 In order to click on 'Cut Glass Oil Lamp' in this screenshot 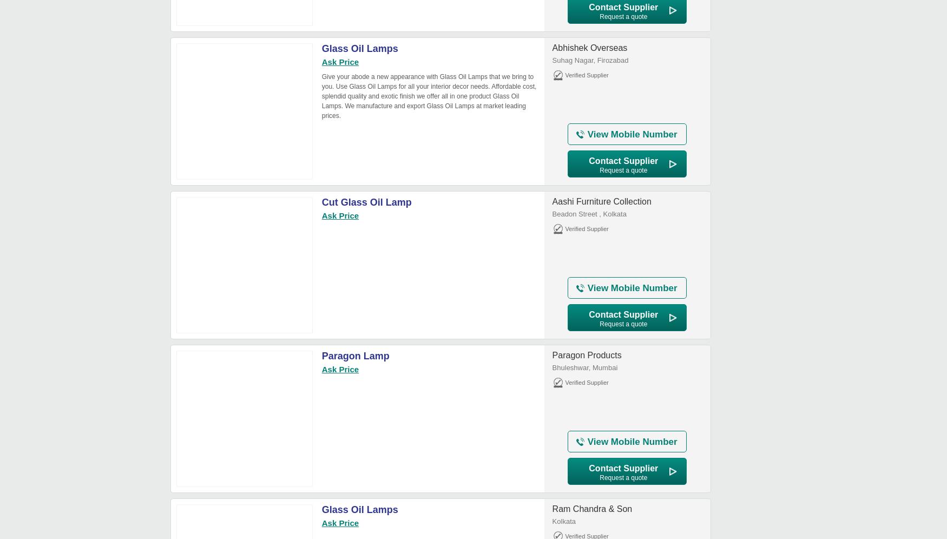, I will do `click(366, 202)`.